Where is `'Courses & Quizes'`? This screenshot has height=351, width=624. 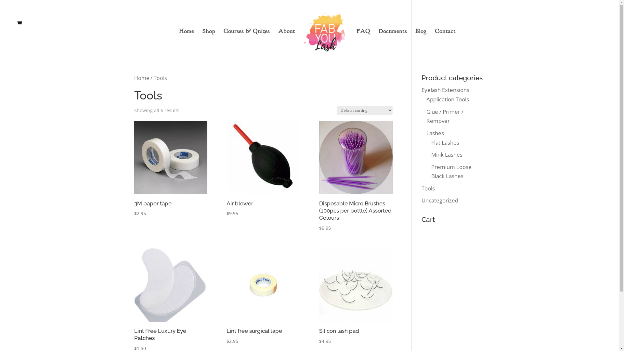 'Courses & Quizes' is located at coordinates (246, 42).